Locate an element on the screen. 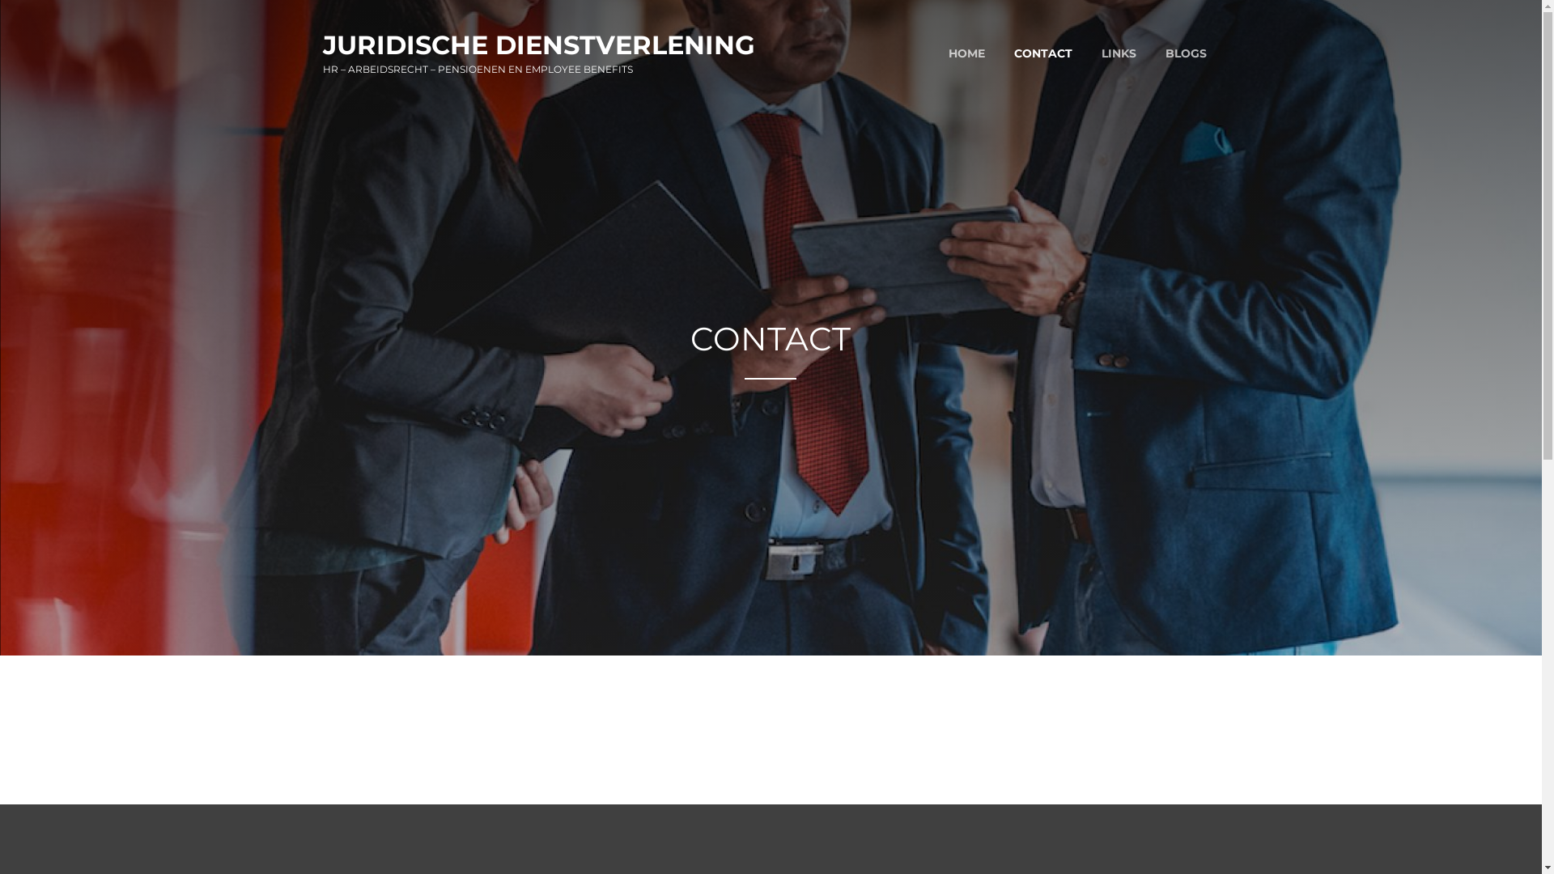 Image resolution: width=1554 pixels, height=874 pixels. 'BLOGS' is located at coordinates (1186, 53).